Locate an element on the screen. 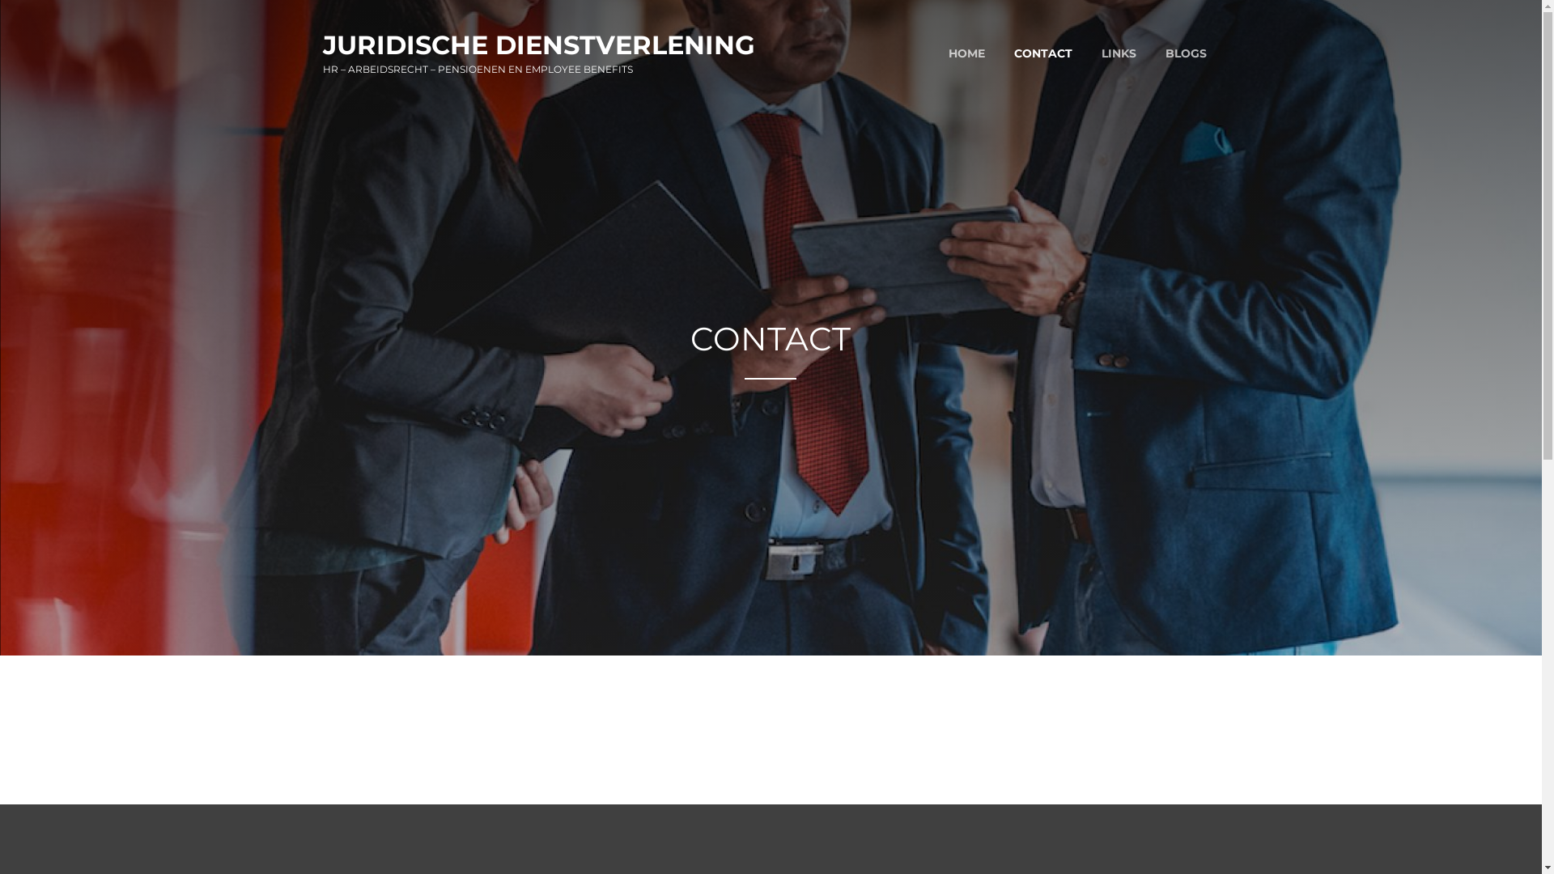 Image resolution: width=1554 pixels, height=874 pixels. 'BLOGS' is located at coordinates (1186, 53).